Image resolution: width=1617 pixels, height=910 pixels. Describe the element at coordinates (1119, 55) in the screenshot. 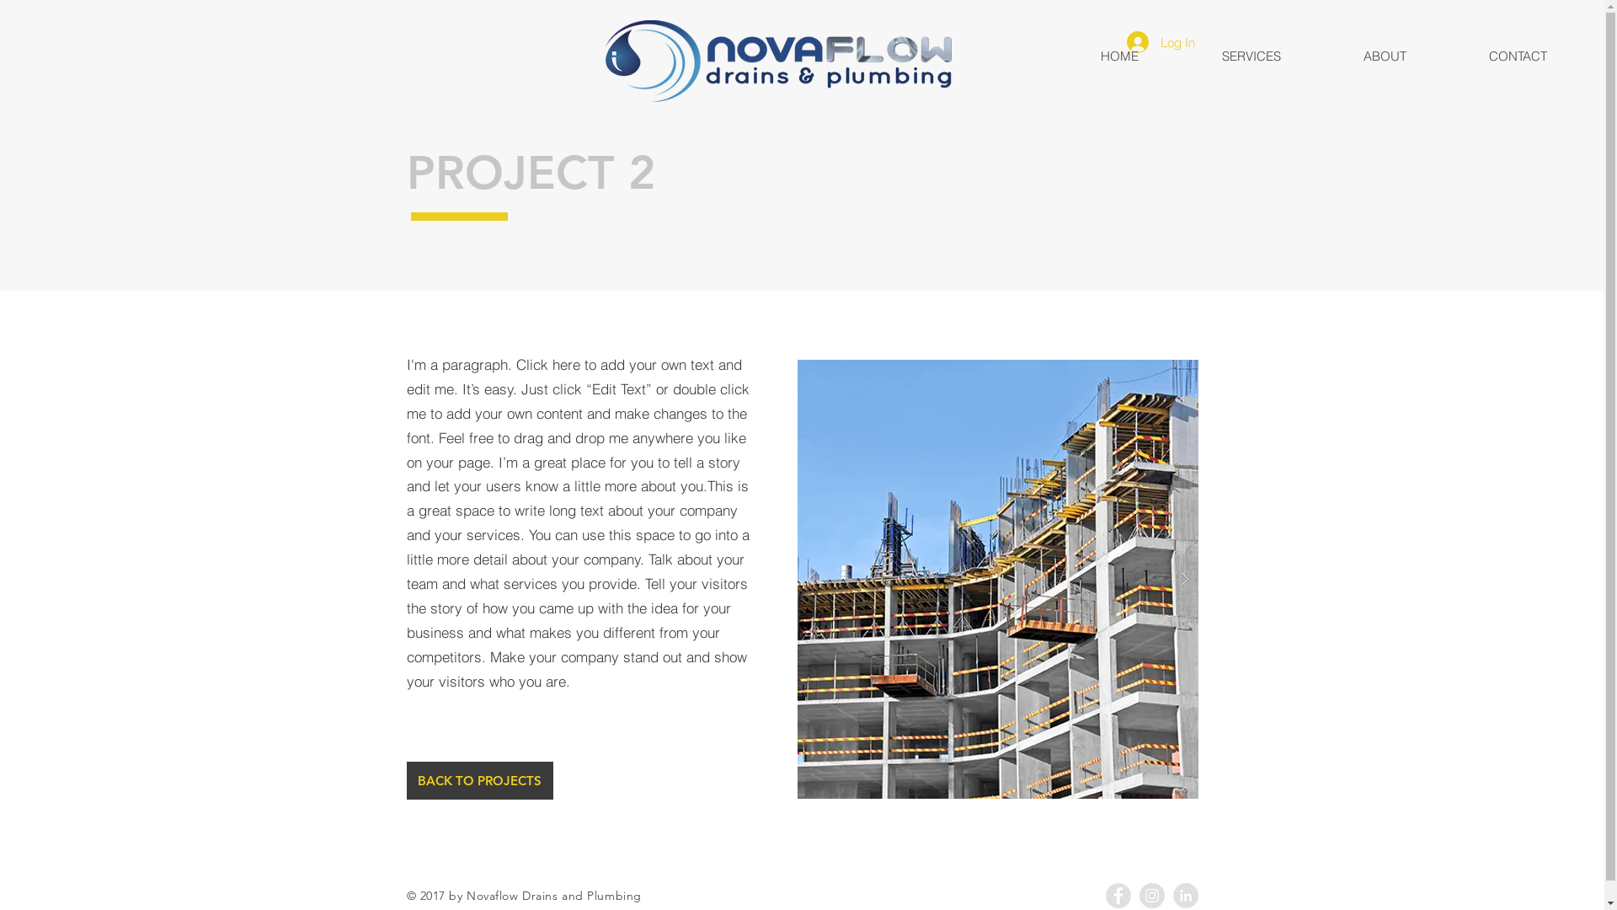

I see `'HOME'` at that location.